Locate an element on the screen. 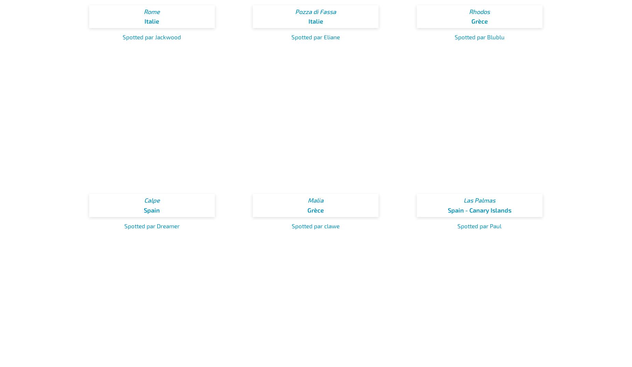 This screenshot has width=632, height=367. 'Spotted par Dreamer' is located at coordinates (151, 225).